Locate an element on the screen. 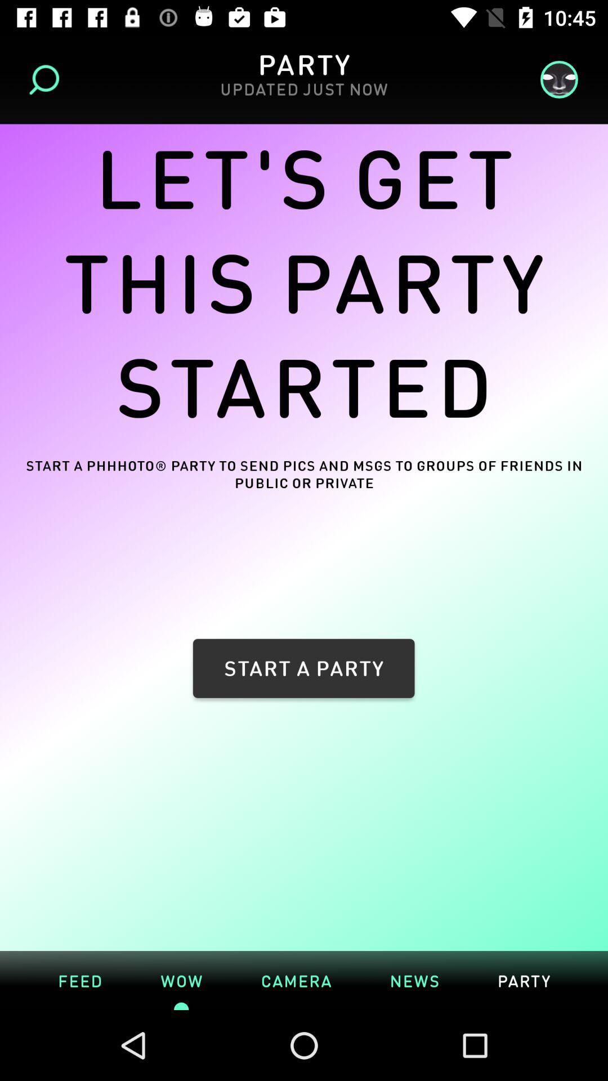 This screenshot has height=1081, width=608. updated just now is located at coordinates (303, 96).